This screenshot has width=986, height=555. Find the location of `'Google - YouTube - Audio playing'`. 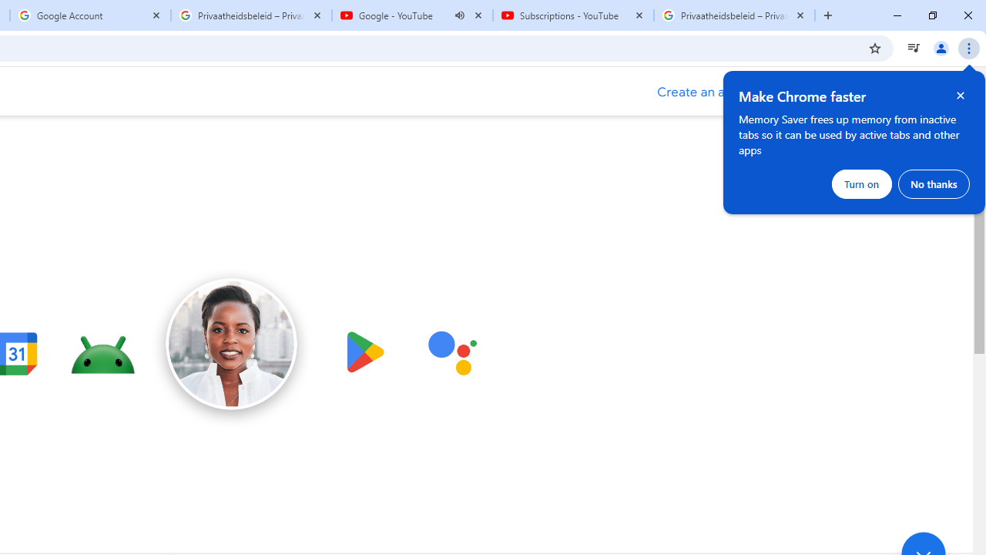

'Google - YouTube - Audio playing' is located at coordinates (412, 15).